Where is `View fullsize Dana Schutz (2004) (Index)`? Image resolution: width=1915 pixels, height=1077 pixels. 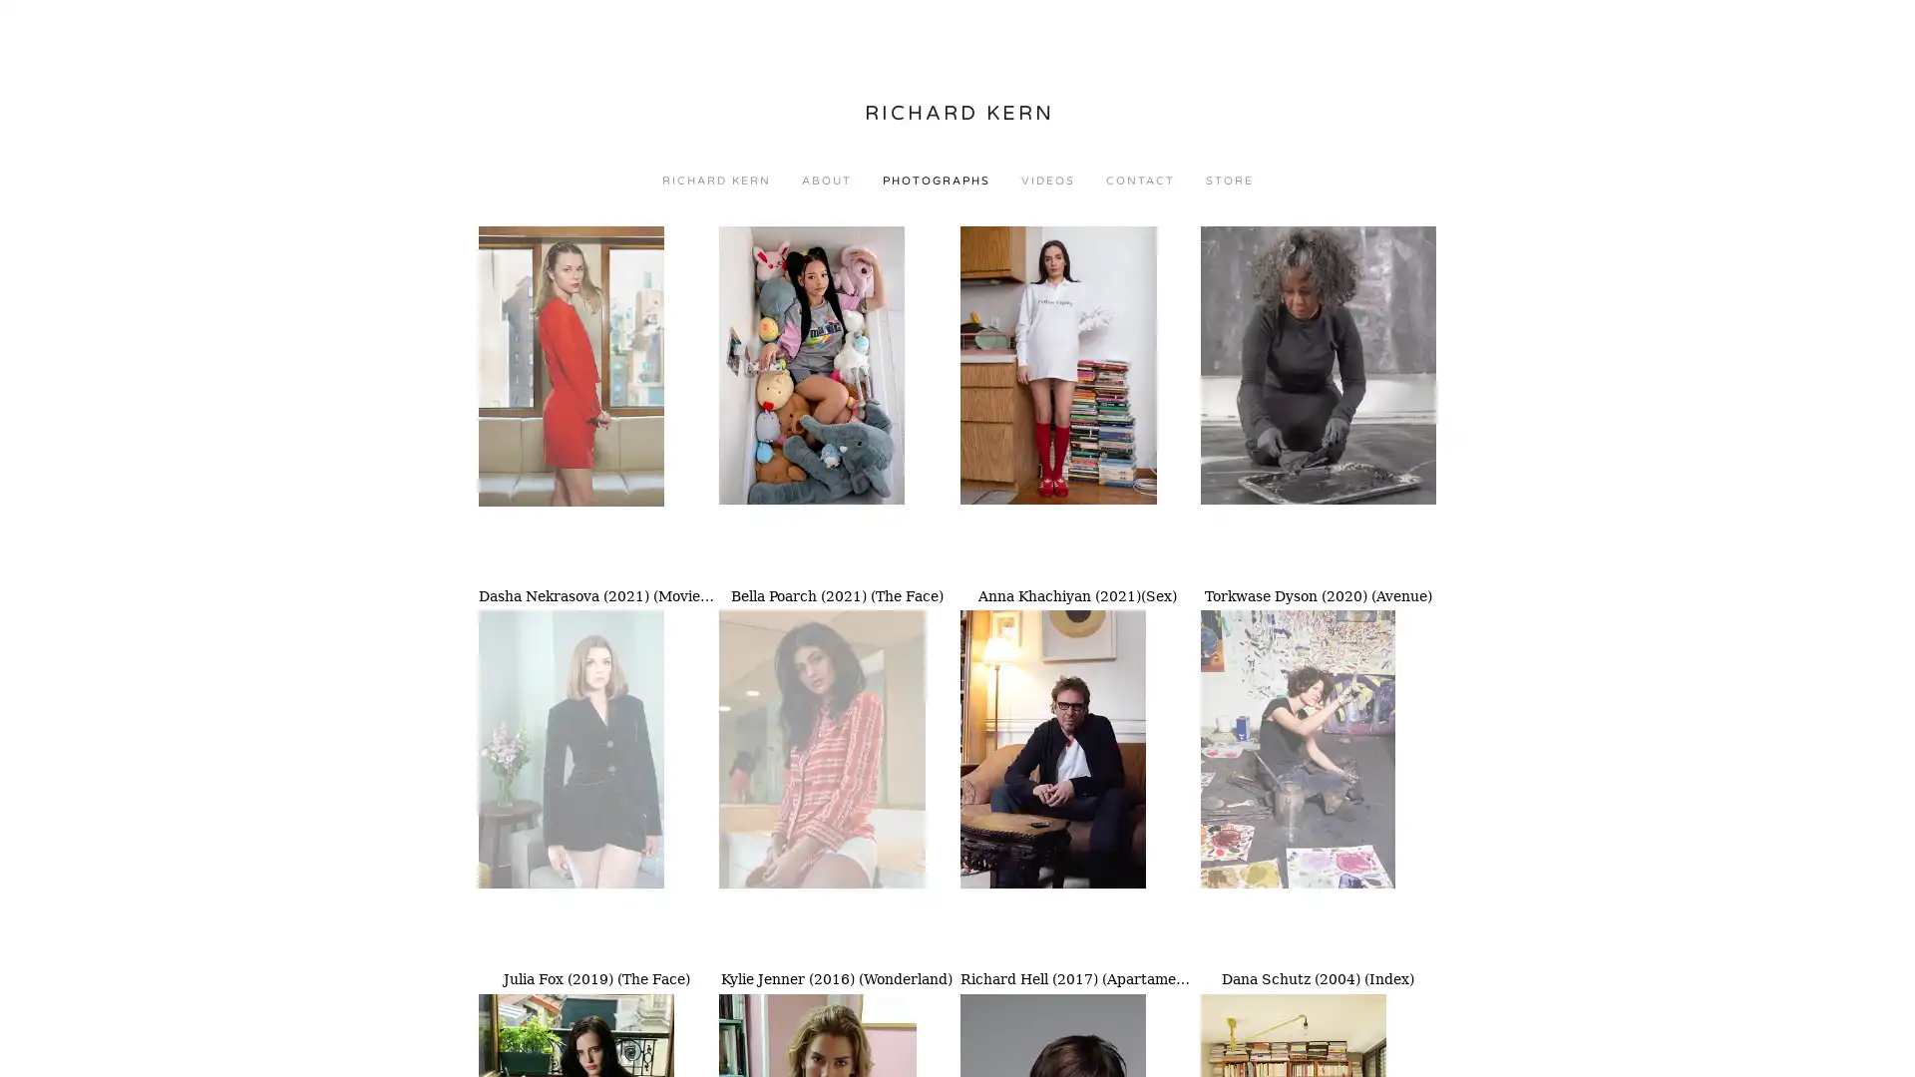
View fullsize Dana Schutz (2004) (Index) is located at coordinates (1318, 785).